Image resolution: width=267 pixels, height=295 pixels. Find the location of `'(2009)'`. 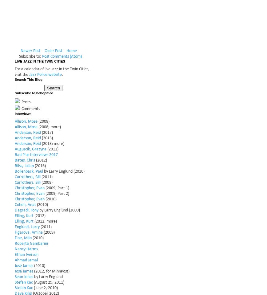

'(2009)' is located at coordinates (49, 232).